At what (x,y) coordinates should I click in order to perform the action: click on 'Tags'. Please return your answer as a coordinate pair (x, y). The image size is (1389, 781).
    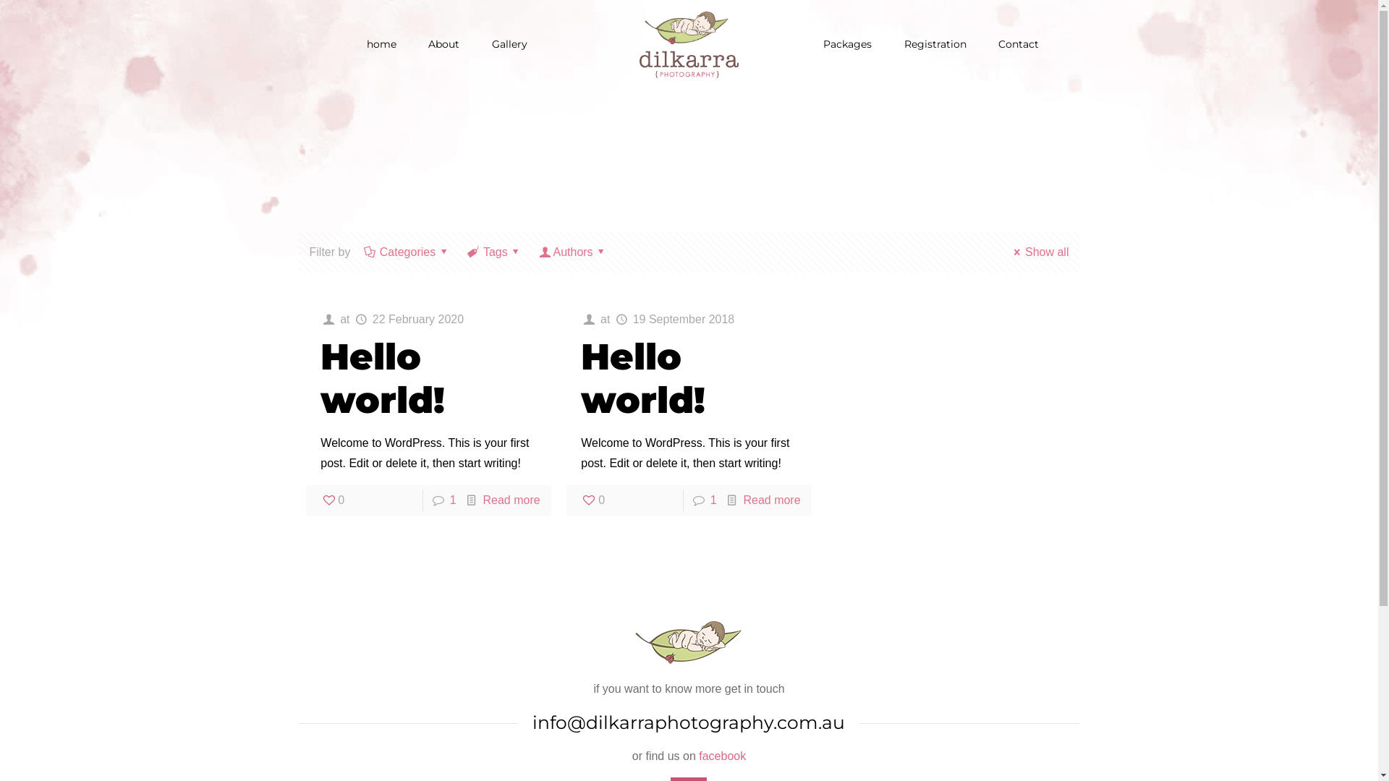
    Looking at the image, I should click on (465, 251).